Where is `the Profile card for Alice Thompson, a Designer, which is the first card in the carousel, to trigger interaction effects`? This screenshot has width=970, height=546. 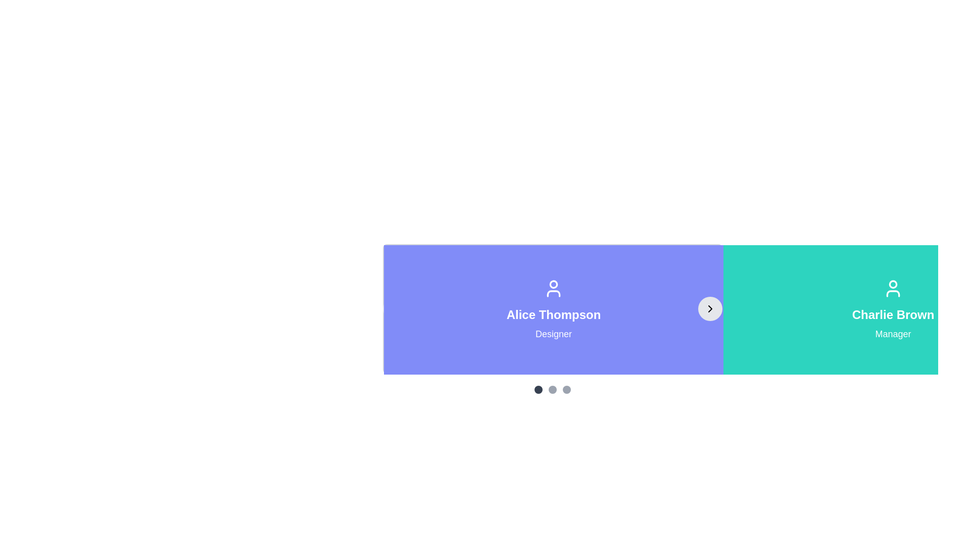
the Profile card for Alice Thompson, a Designer, which is the first card in the carousel, to trigger interaction effects is located at coordinates (553, 309).